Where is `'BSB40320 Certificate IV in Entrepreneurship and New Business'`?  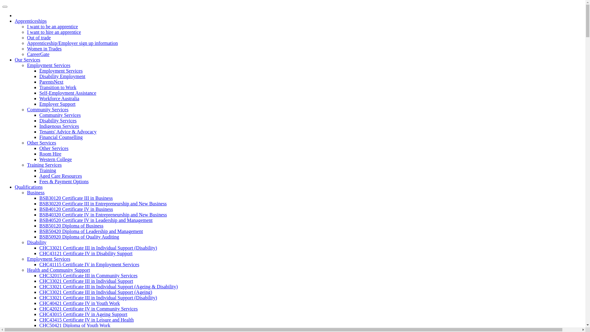 'BSB40320 Certificate IV in Entrepreneurship and New Business' is located at coordinates (103, 214).